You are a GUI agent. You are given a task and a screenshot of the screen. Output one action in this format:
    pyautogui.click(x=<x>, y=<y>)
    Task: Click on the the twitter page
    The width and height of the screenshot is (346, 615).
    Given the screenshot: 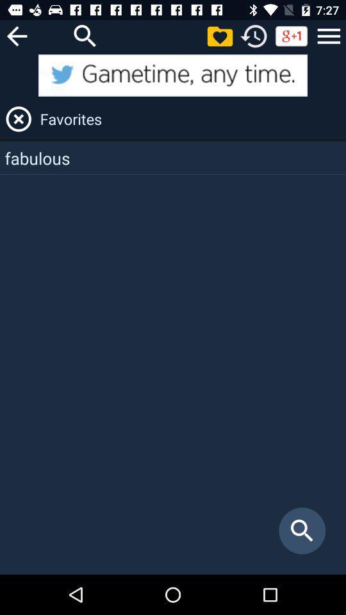 What is the action you would take?
    pyautogui.click(x=173, y=75)
    